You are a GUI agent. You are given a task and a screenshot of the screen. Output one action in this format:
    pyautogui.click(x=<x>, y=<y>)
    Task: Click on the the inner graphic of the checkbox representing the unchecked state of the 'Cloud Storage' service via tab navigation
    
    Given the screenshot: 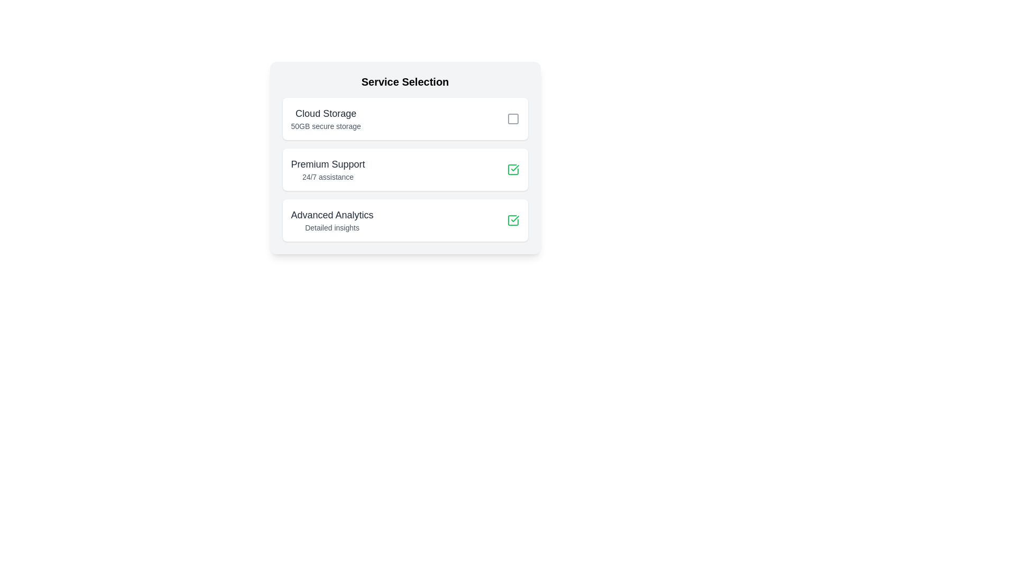 What is the action you would take?
    pyautogui.click(x=513, y=118)
    